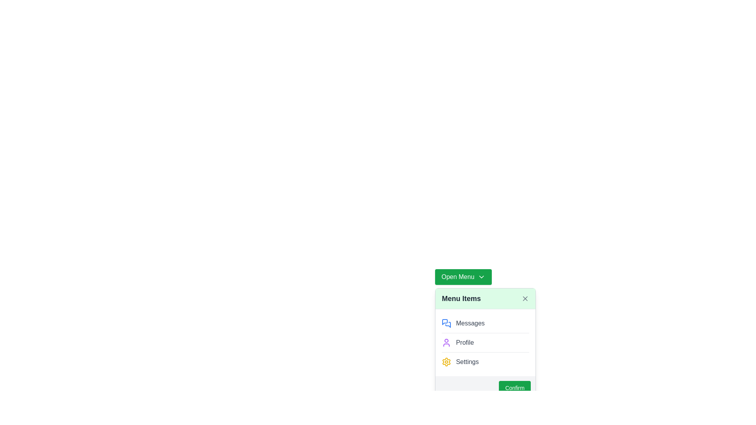 This screenshot has width=756, height=425. I want to click on the yellow gear icon representing settings, which is located to the left of the 'Settings' text in the menu list, so click(447, 362).